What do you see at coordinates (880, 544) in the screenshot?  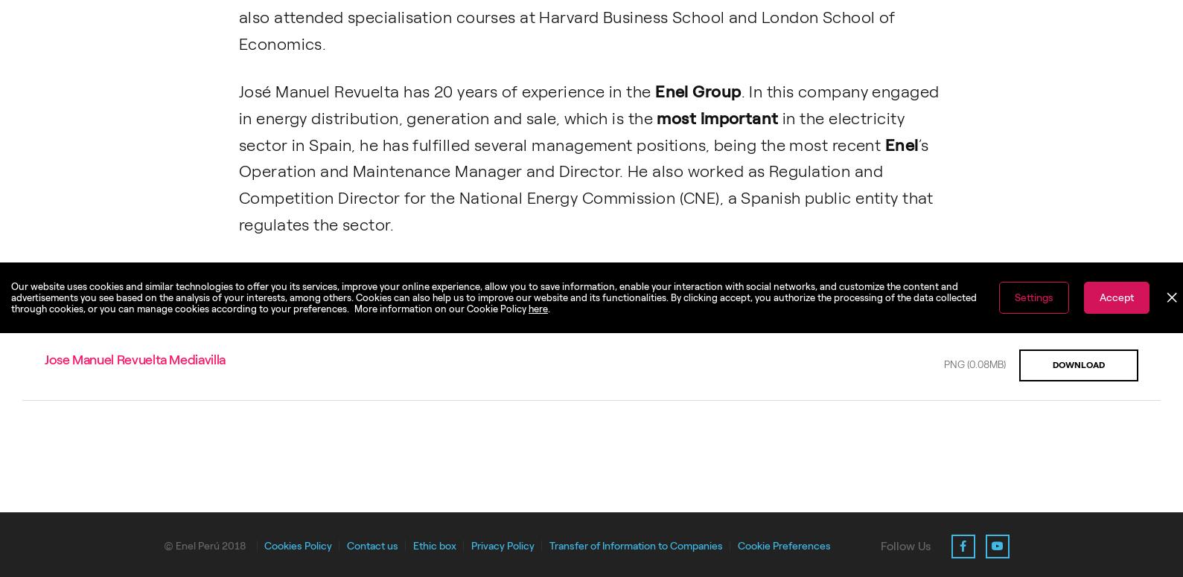 I see `'Follow Us'` at bounding box center [880, 544].